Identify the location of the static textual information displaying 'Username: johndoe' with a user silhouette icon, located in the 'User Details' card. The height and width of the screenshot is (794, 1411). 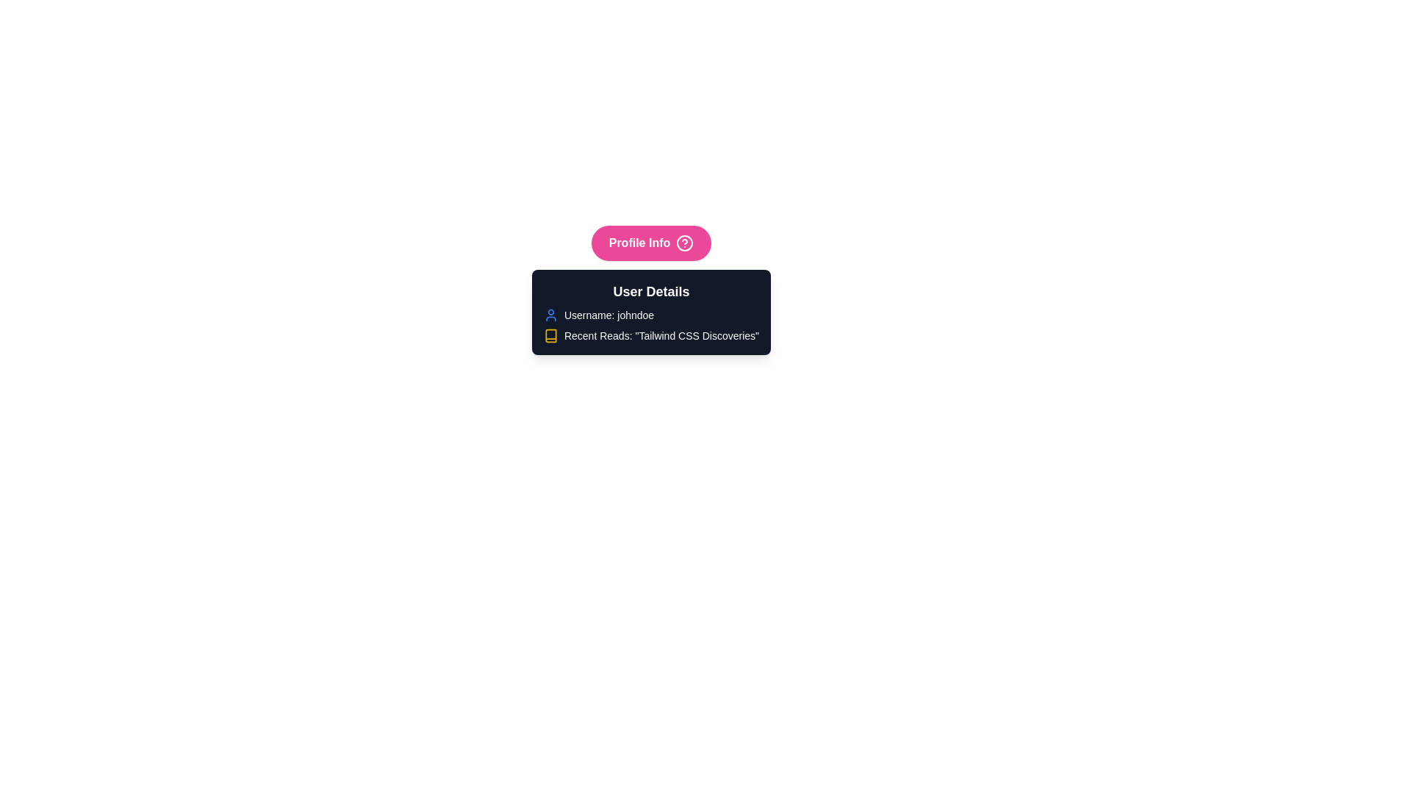
(650, 314).